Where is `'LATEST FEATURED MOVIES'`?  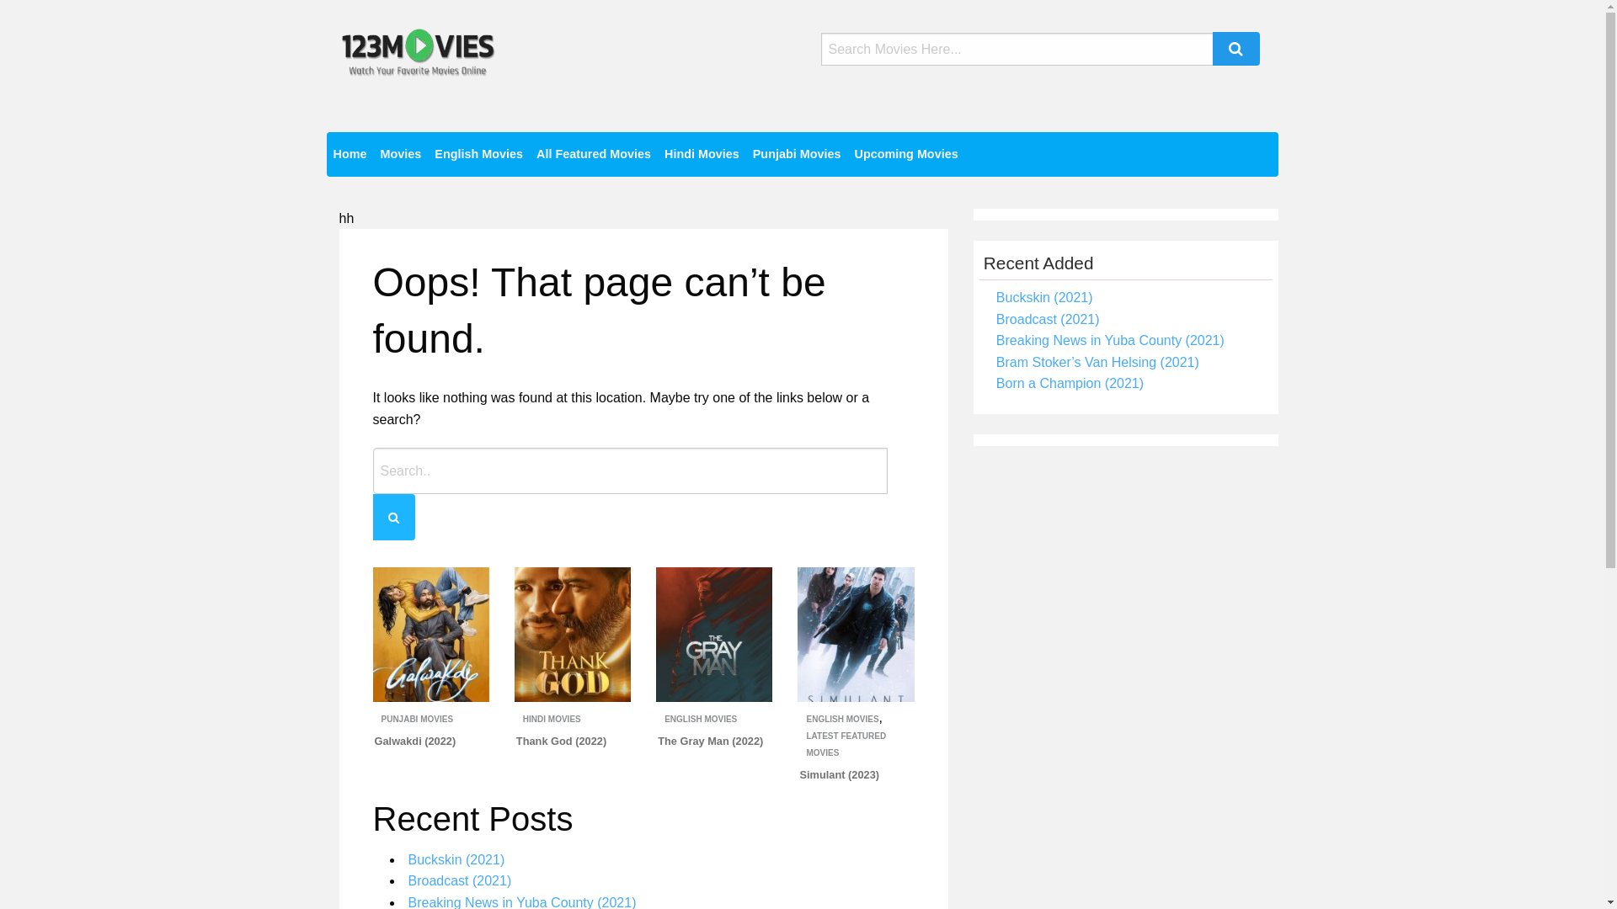 'LATEST FEATURED MOVIES' is located at coordinates (846, 743).